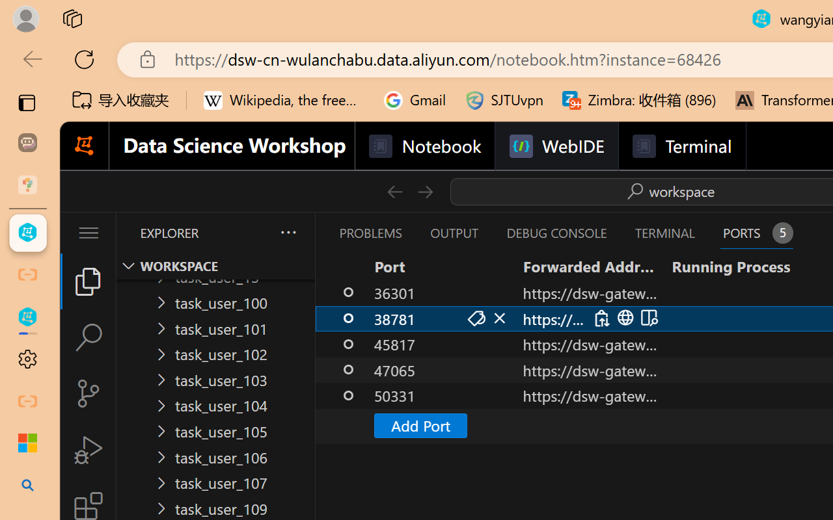 The width and height of the screenshot is (833, 520). I want to click on 'Stop Forwarding Port (Delete)', so click(498, 318).